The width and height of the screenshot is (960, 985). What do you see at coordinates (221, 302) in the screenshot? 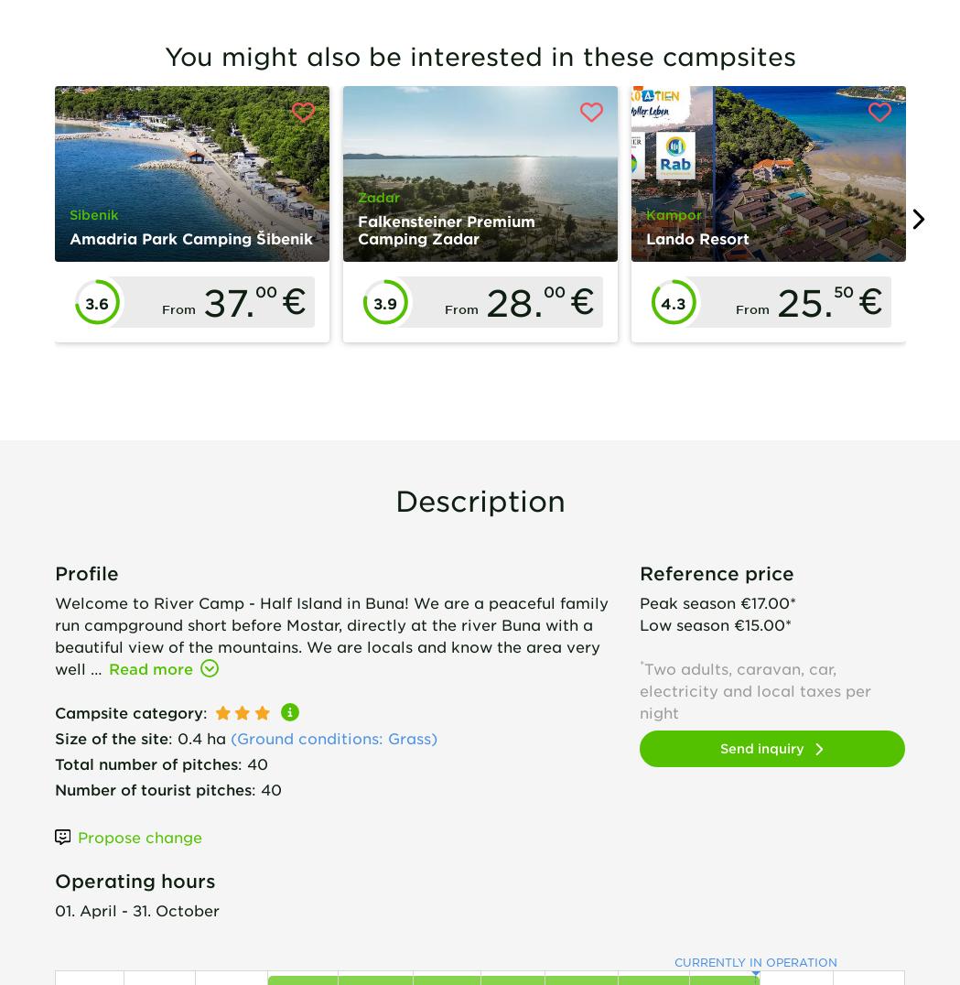
I see `'37'` at bounding box center [221, 302].